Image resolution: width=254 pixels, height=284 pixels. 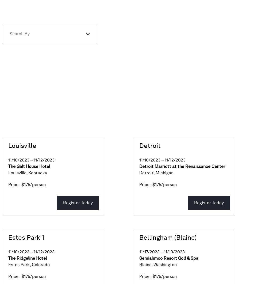 I want to click on 'Estes Park', so click(x=19, y=265).